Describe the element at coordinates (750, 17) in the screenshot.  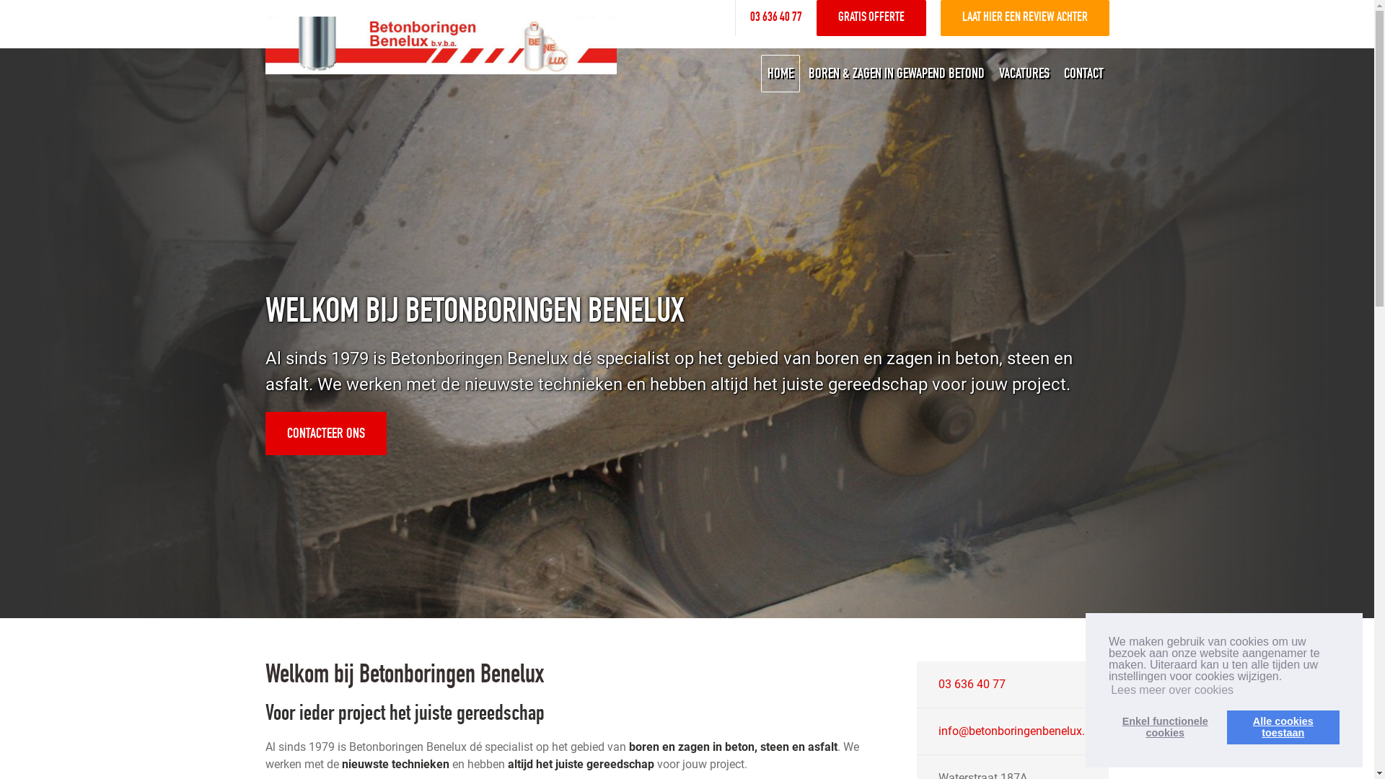
I see `'03 636 40 77'` at that location.